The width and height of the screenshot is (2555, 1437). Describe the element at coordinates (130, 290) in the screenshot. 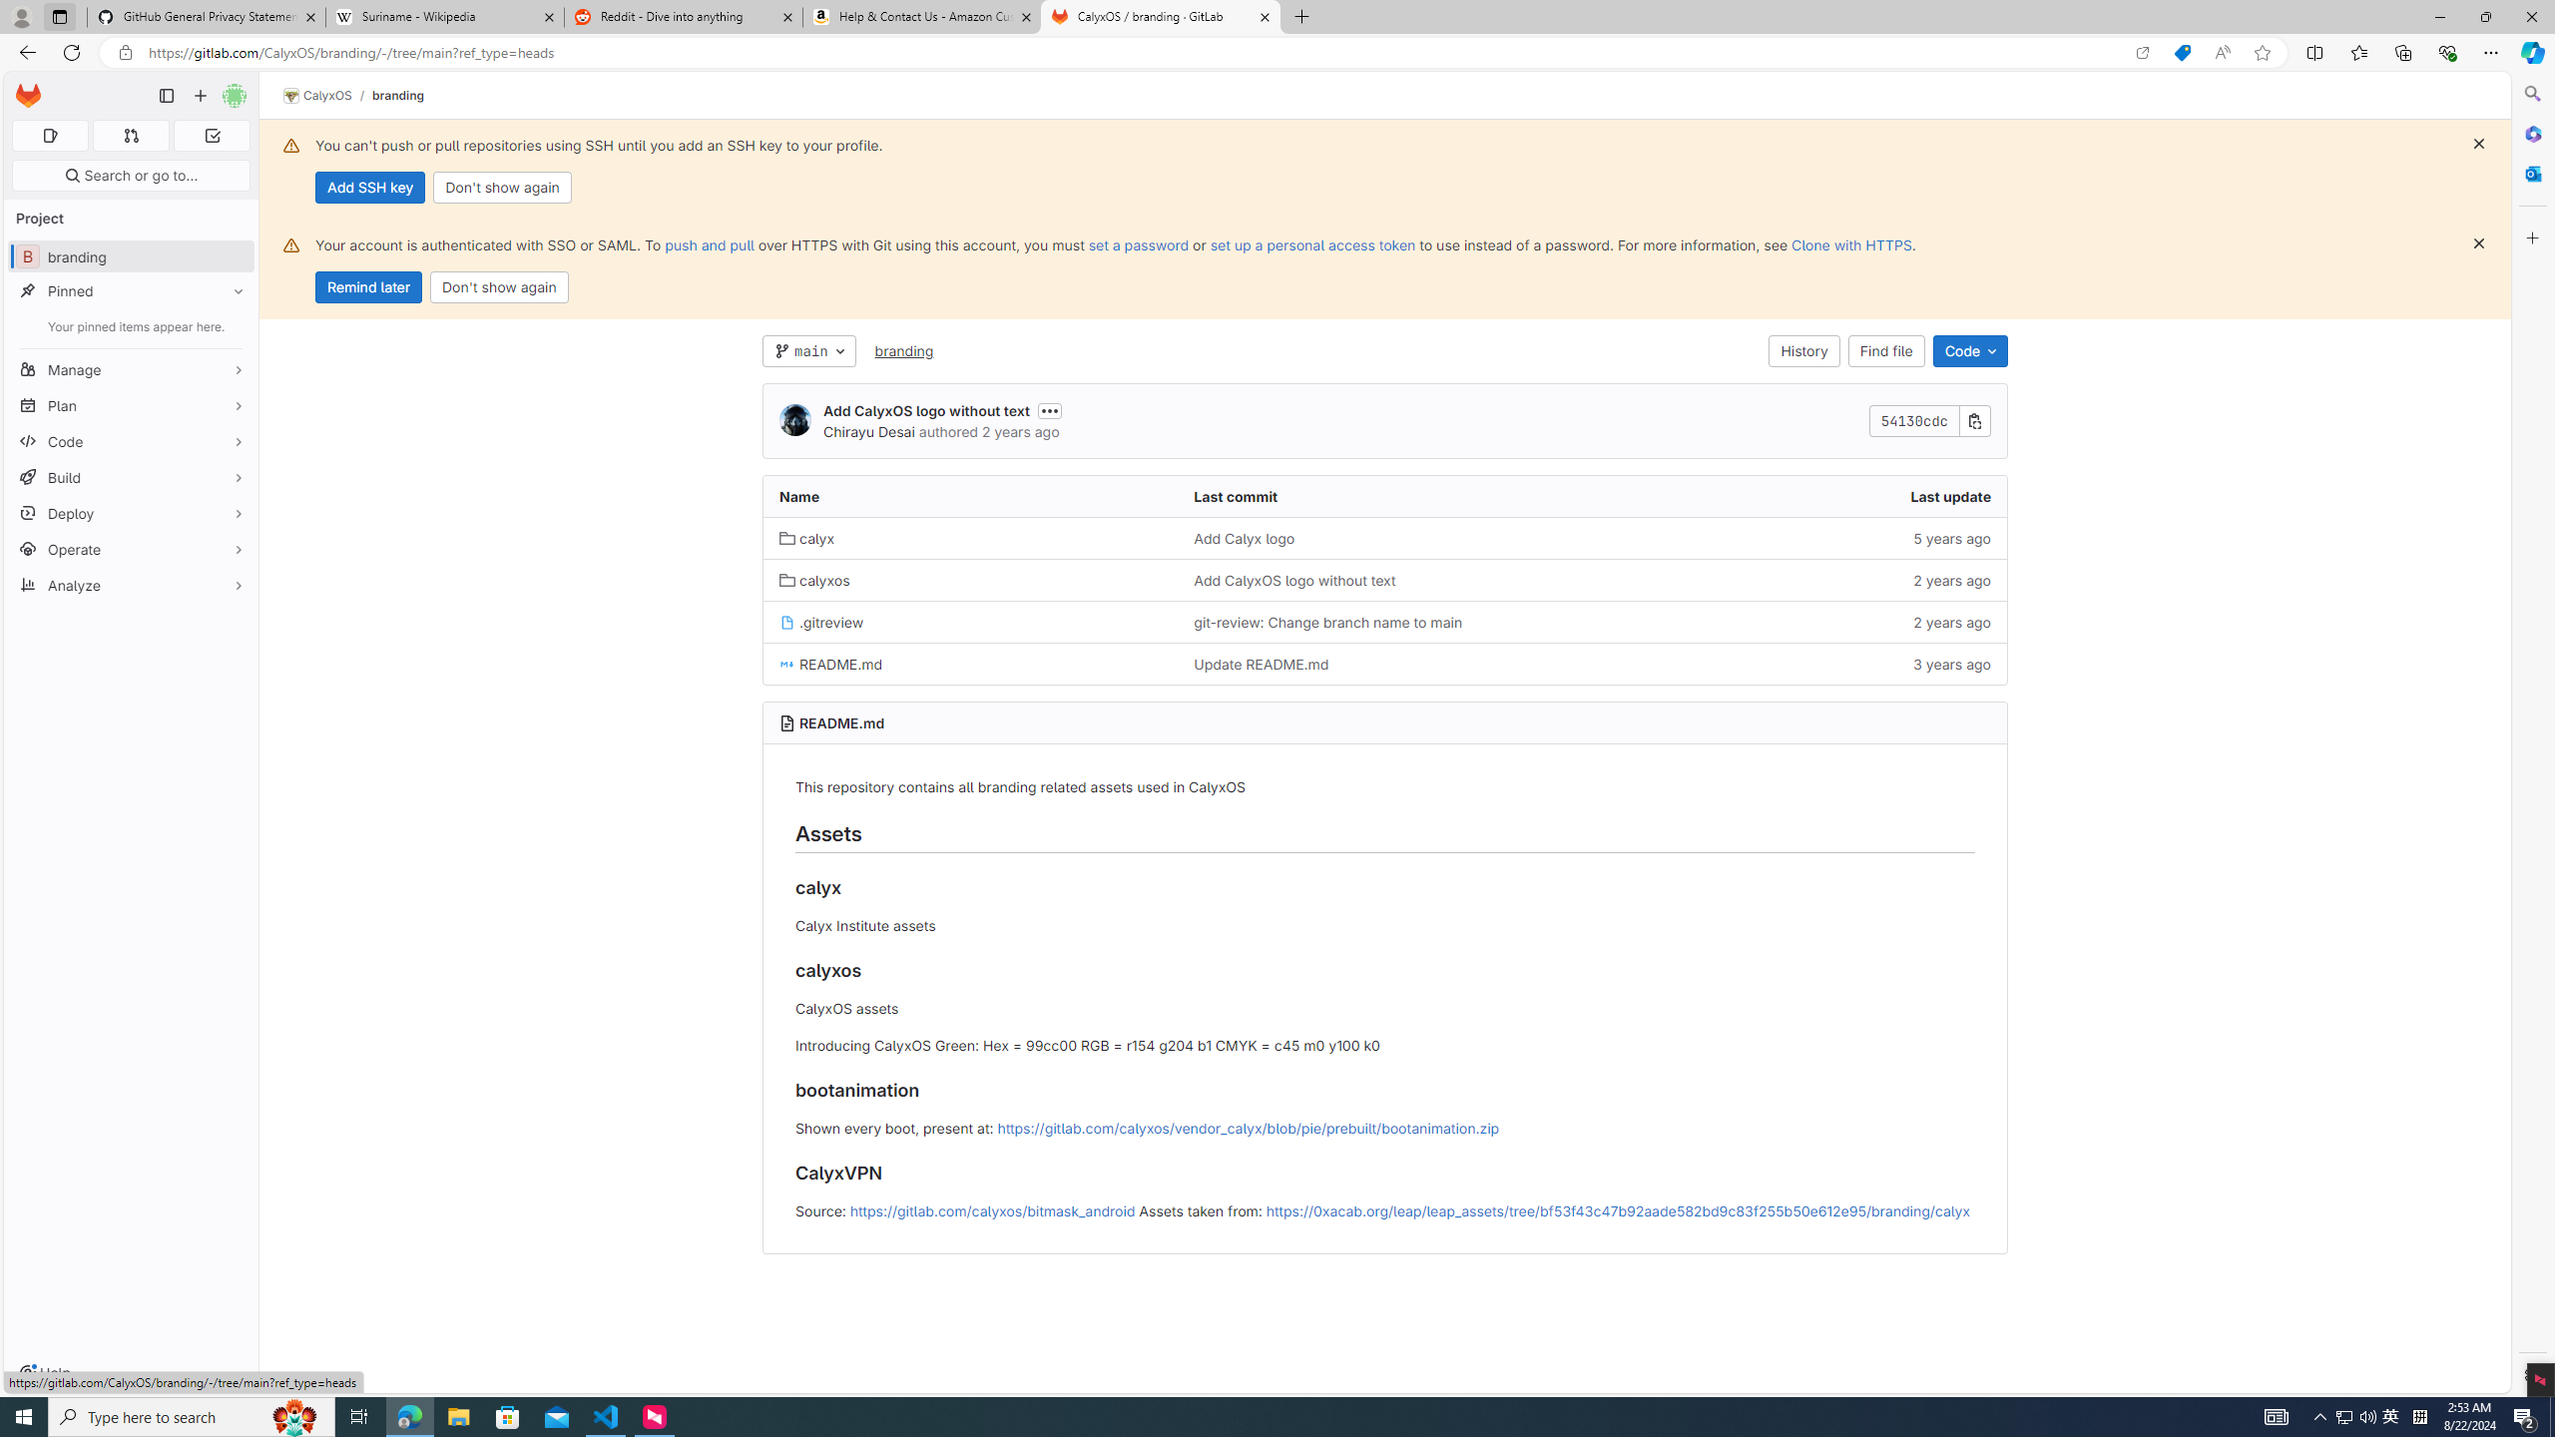

I see `'Pinned'` at that location.